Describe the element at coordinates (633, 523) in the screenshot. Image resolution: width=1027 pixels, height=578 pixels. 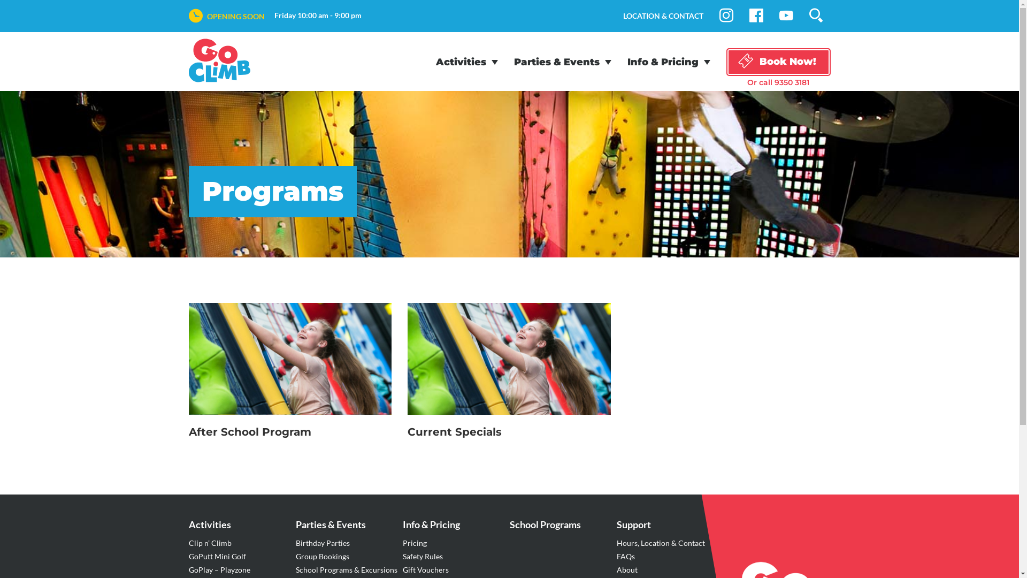
I see `'Support'` at that location.